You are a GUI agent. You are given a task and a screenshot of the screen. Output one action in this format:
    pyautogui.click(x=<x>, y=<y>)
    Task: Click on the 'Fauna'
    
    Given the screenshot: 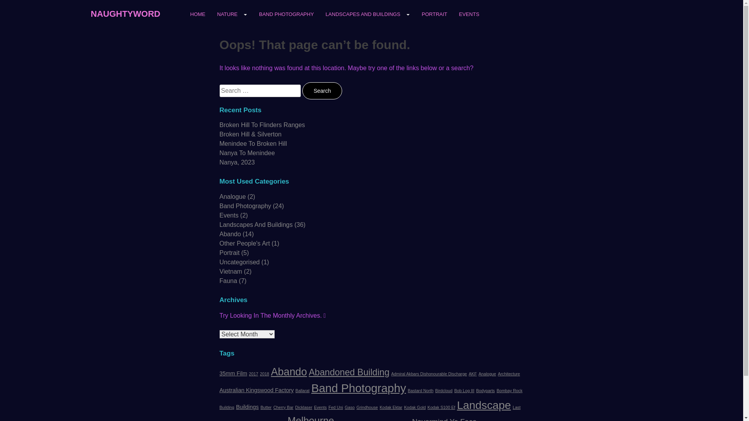 What is the action you would take?
    pyautogui.click(x=227, y=281)
    